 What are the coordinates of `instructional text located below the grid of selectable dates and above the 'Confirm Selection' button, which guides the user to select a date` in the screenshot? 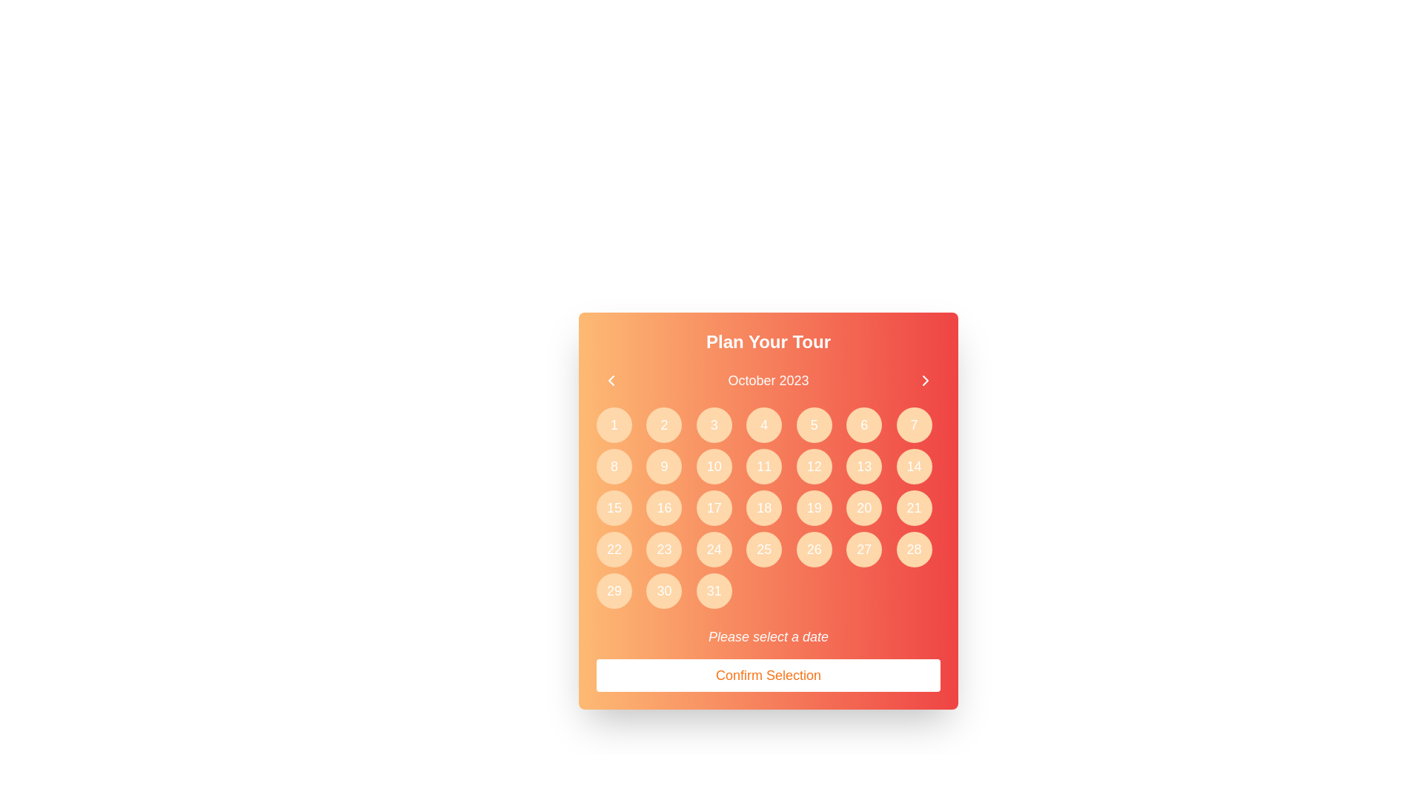 It's located at (768, 636).